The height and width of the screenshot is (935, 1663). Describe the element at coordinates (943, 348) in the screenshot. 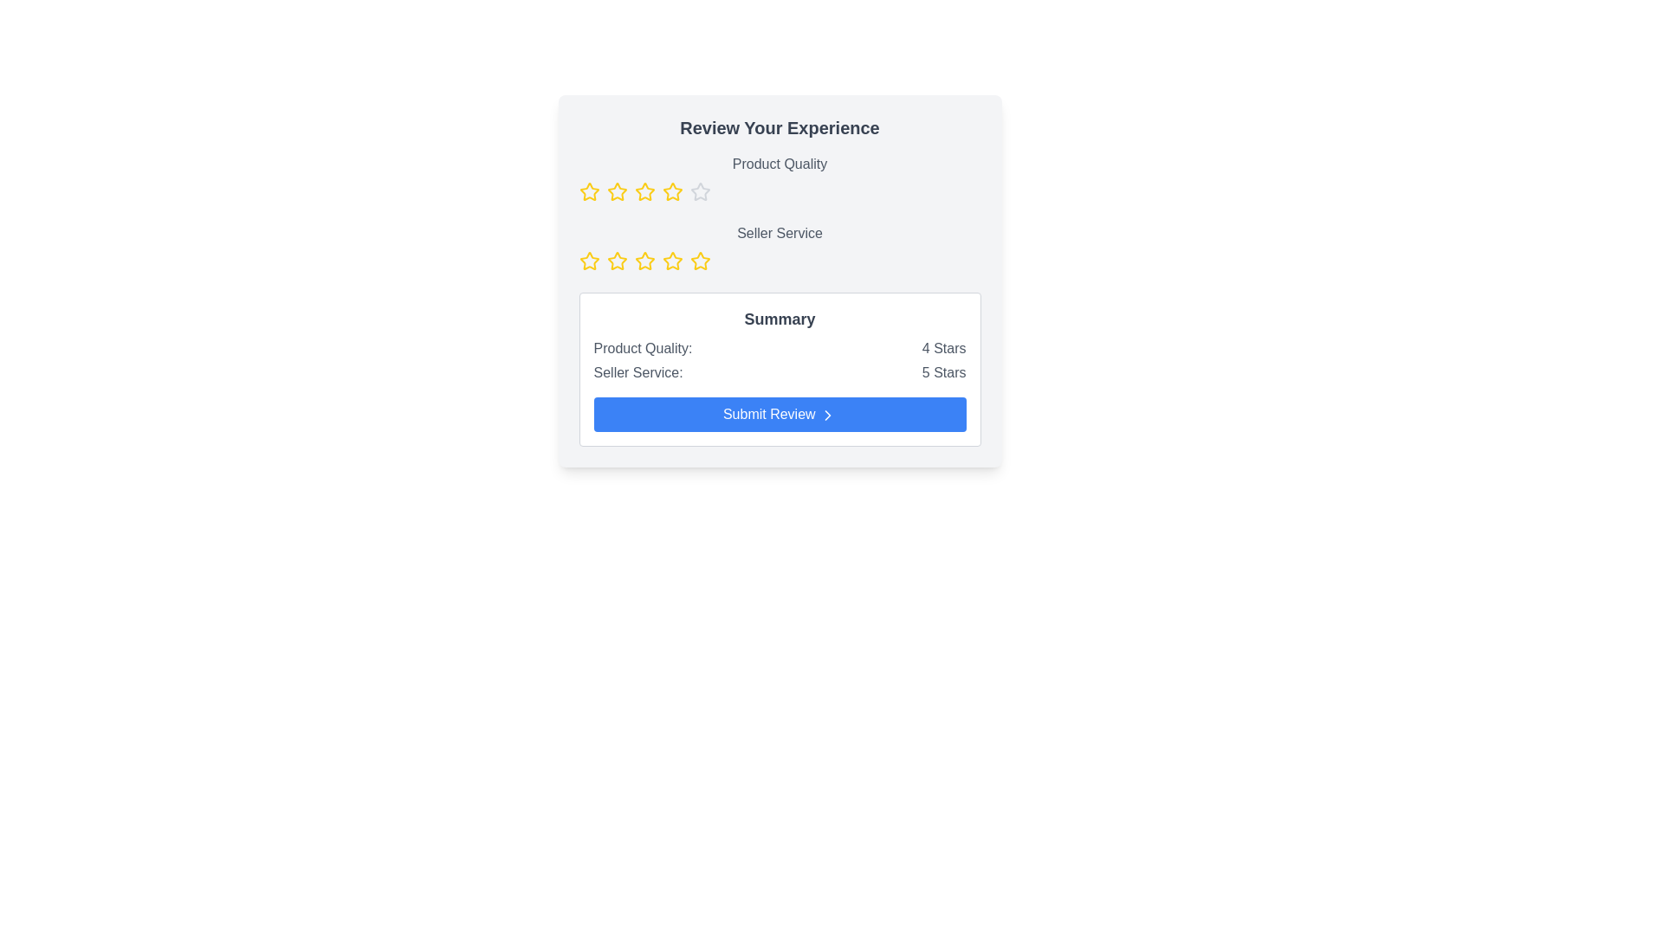

I see `the '4 Stars' text label in the 'Summary' section, which is styled in gray font and positioned to the right of the 'Product Quality:' label` at that location.